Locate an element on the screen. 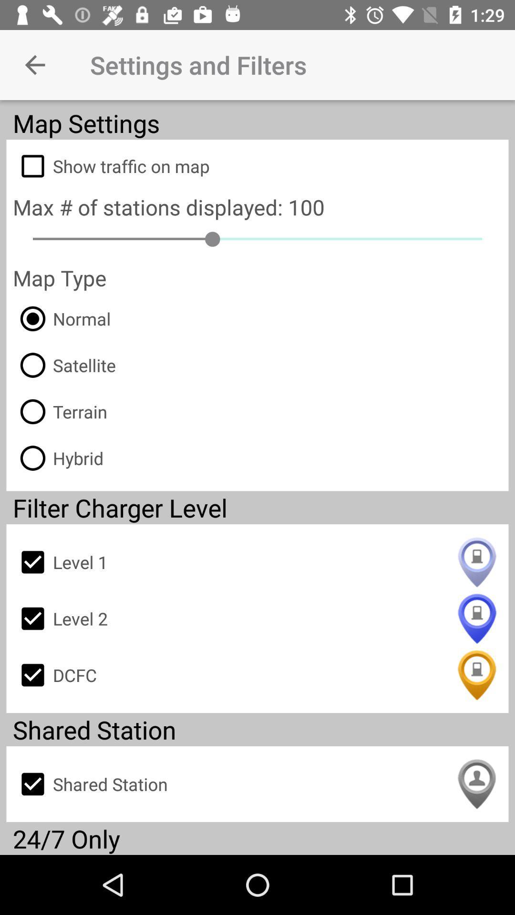 The width and height of the screenshot is (515, 915). icon below level 1 icon is located at coordinates (257, 619).